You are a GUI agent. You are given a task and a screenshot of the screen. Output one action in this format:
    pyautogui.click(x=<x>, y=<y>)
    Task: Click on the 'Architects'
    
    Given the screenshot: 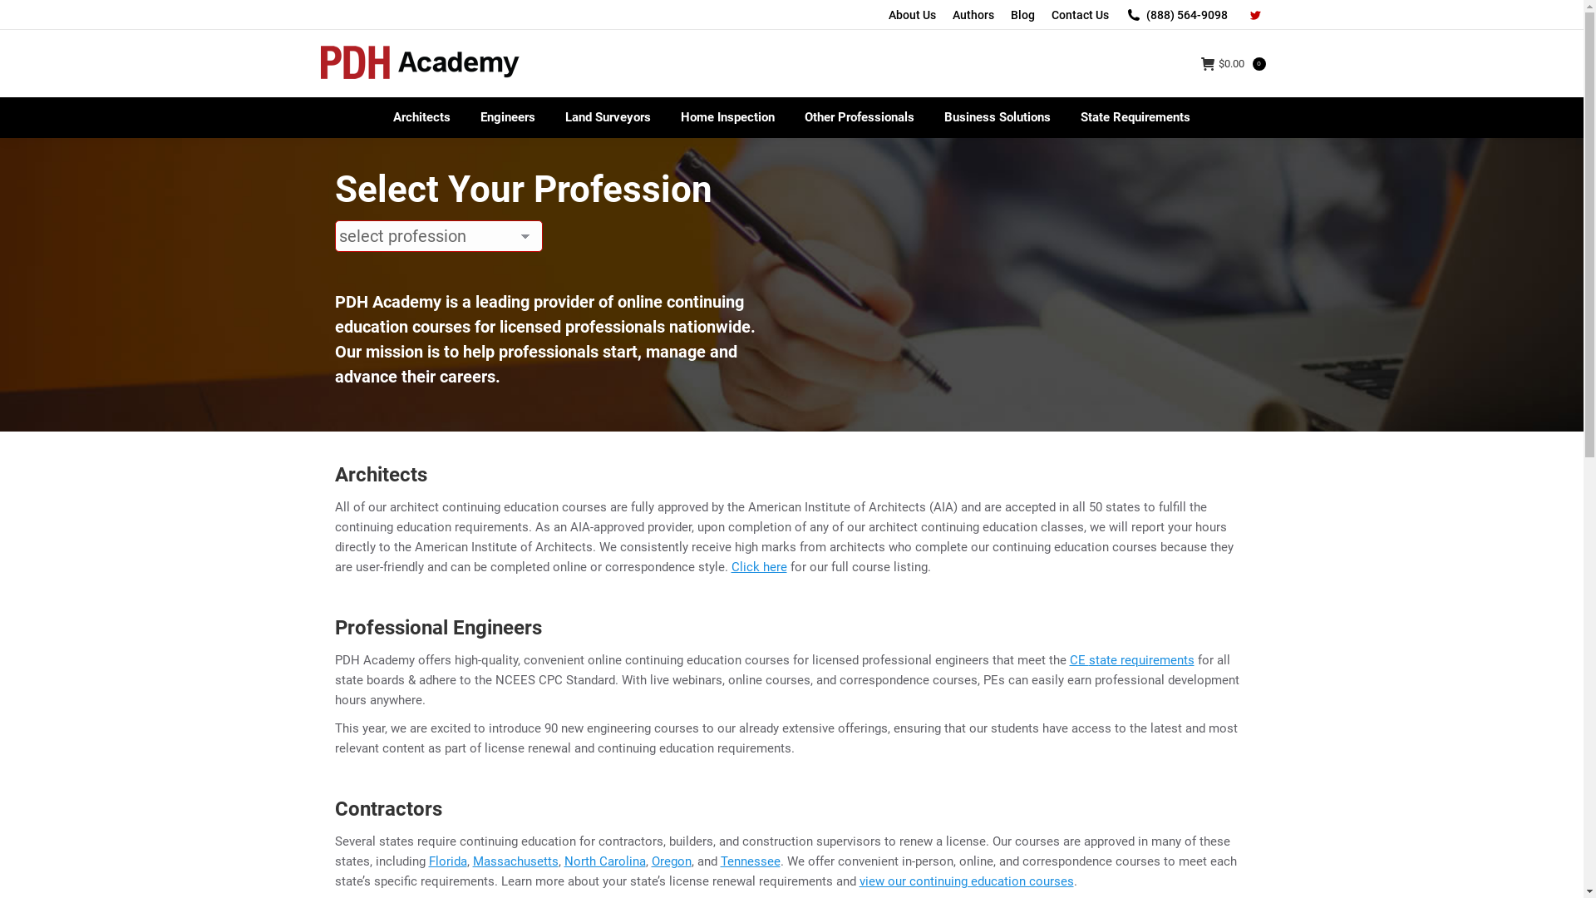 What is the action you would take?
    pyautogui.click(x=421, y=116)
    